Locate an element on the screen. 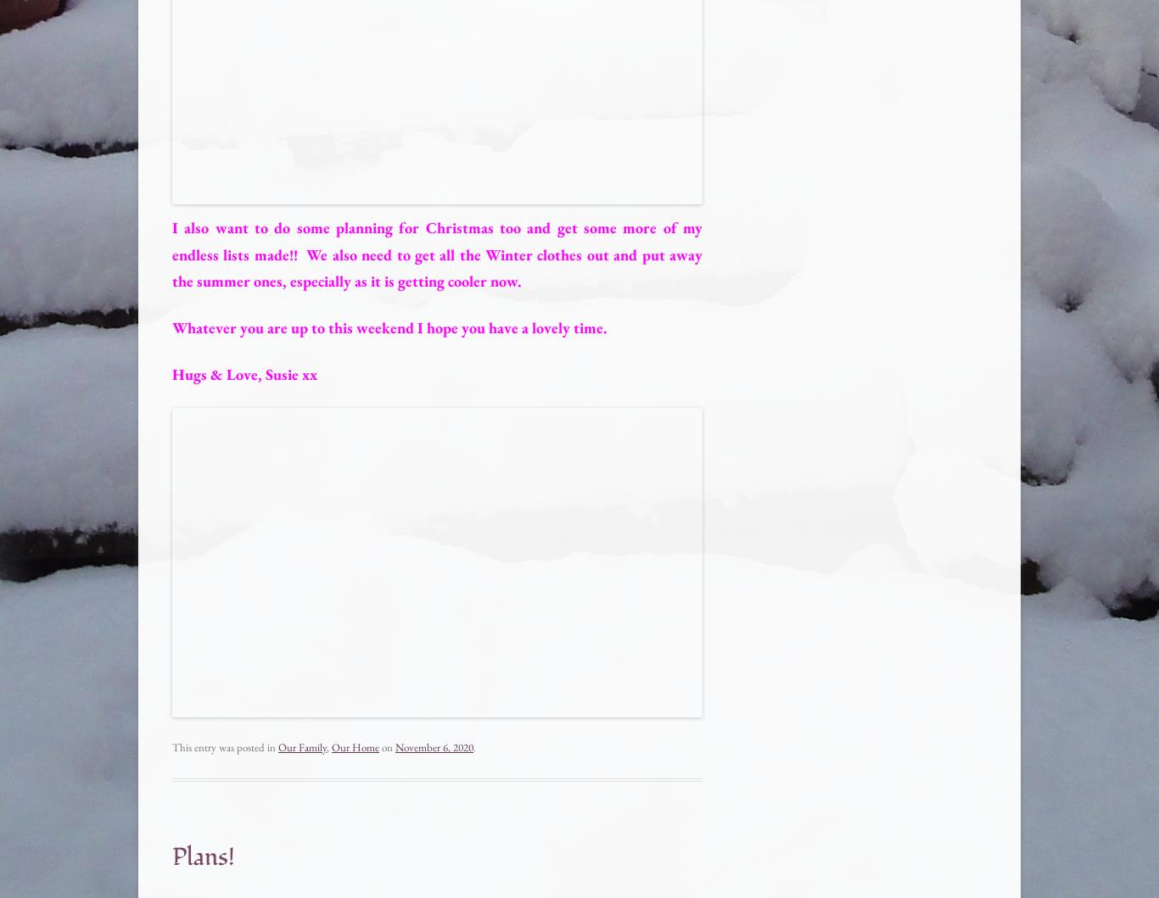 The height and width of the screenshot is (898, 1159). 'Whatever you are up to this weekend I hope you have a lovely time.' is located at coordinates (389, 326).